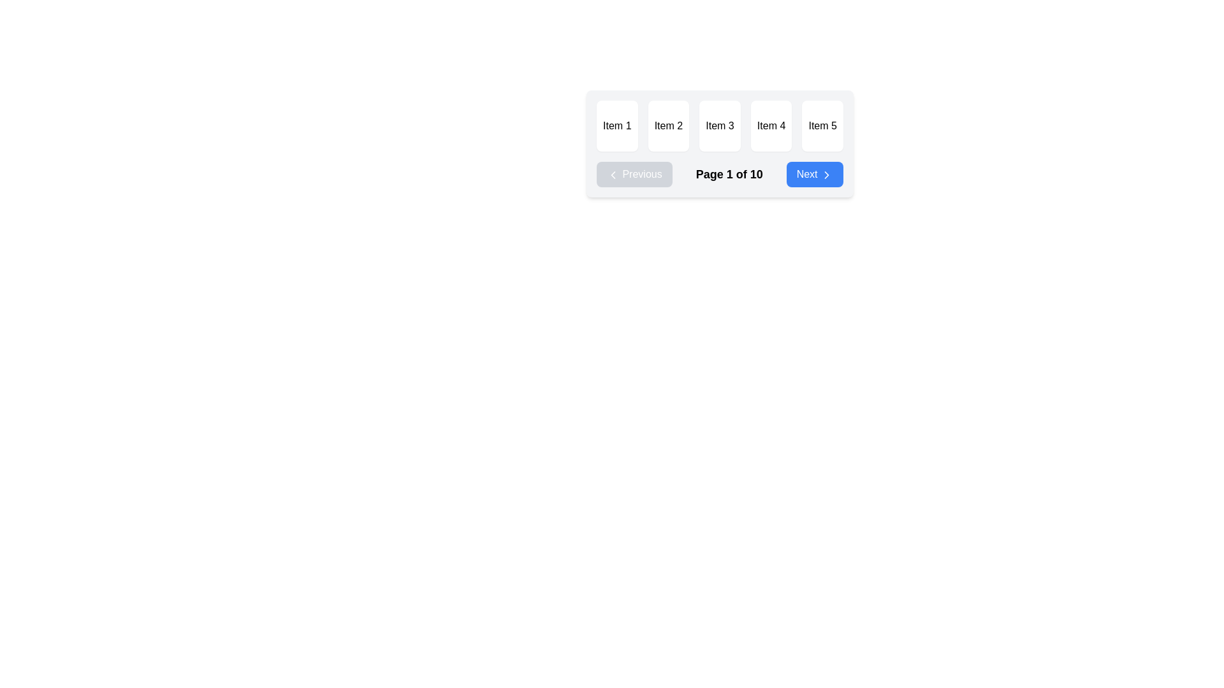  What do you see at coordinates (826, 174) in the screenshot?
I see `the chevron icon indicating progression within the 'Next' button on the right side of the pagination control` at bounding box center [826, 174].